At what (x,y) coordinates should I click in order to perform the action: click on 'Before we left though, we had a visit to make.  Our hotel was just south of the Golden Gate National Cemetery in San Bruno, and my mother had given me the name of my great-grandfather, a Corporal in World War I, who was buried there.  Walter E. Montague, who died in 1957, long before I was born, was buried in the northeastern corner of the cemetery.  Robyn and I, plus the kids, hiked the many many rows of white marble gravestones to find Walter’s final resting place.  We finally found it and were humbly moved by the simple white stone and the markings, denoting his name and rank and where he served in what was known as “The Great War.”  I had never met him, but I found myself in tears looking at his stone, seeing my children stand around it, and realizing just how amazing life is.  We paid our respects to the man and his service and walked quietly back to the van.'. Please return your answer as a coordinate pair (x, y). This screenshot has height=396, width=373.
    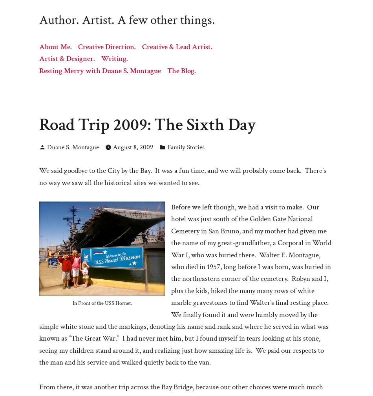
    Looking at the image, I should click on (185, 284).